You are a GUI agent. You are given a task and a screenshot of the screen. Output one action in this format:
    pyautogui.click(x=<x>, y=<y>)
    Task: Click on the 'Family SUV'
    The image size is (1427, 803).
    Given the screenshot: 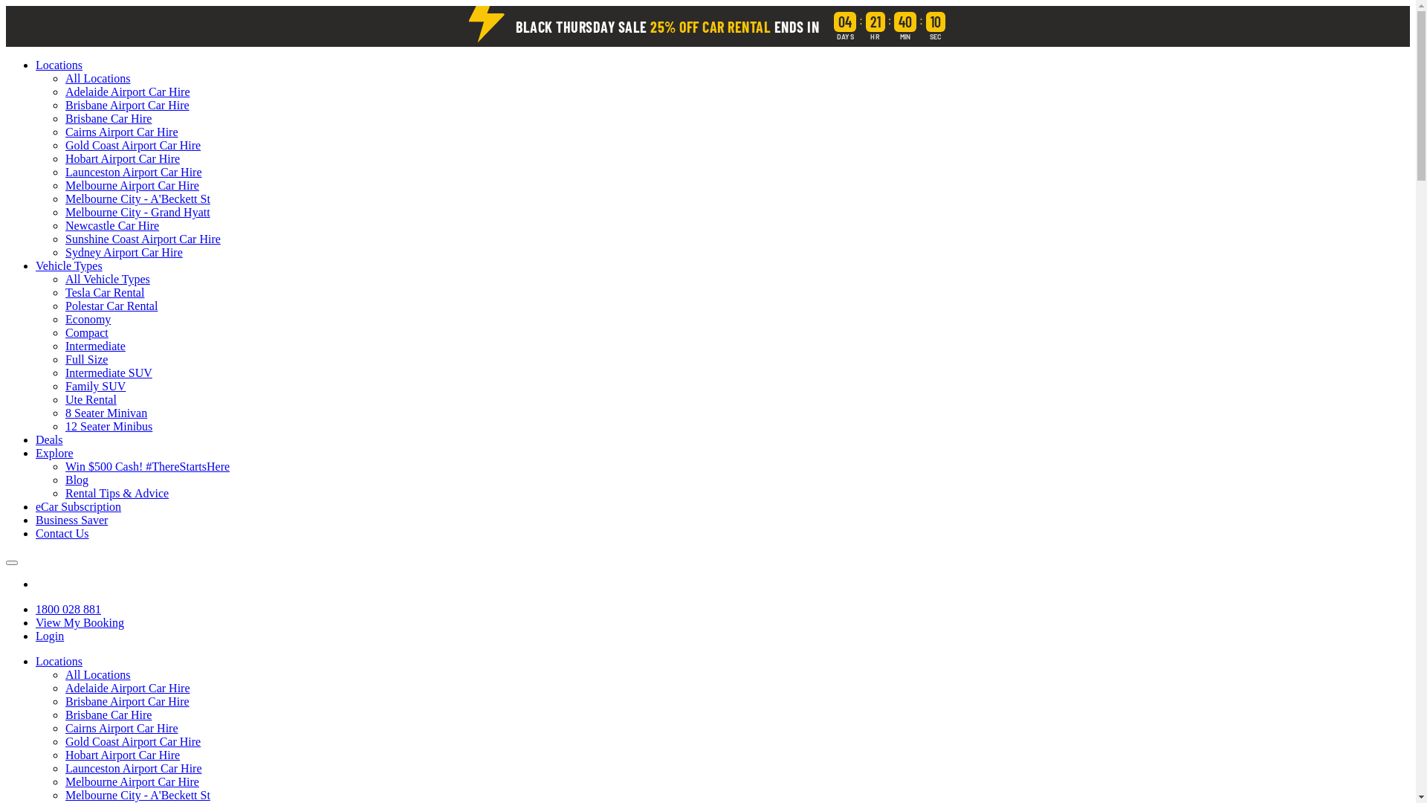 What is the action you would take?
    pyautogui.click(x=94, y=385)
    